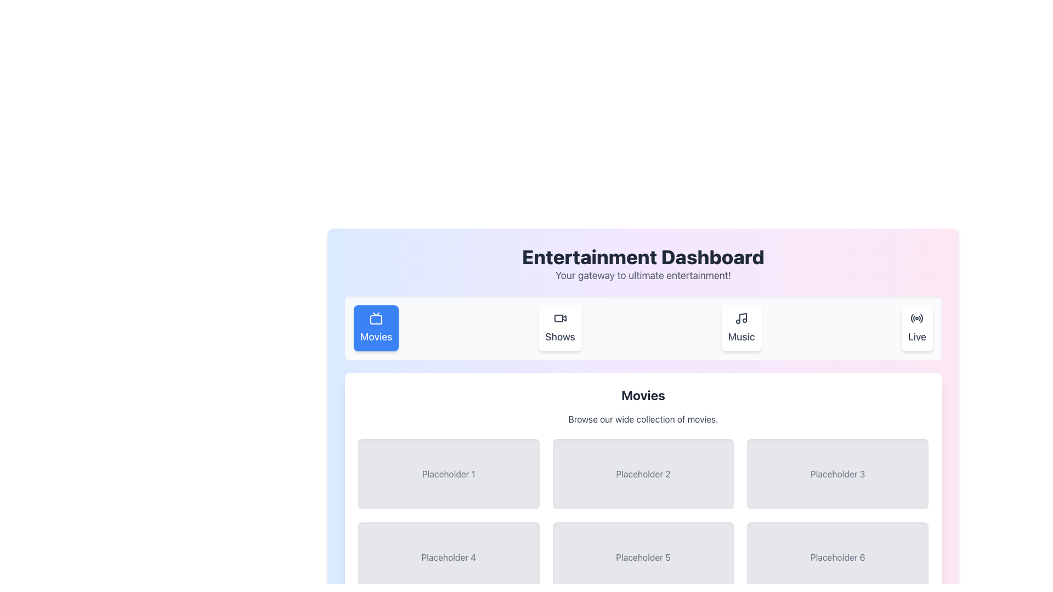  What do you see at coordinates (917, 327) in the screenshot?
I see `the 'Live' button located at the far right of the group of buttons, which includes 'Movies', 'Shows', and 'Music'` at bounding box center [917, 327].